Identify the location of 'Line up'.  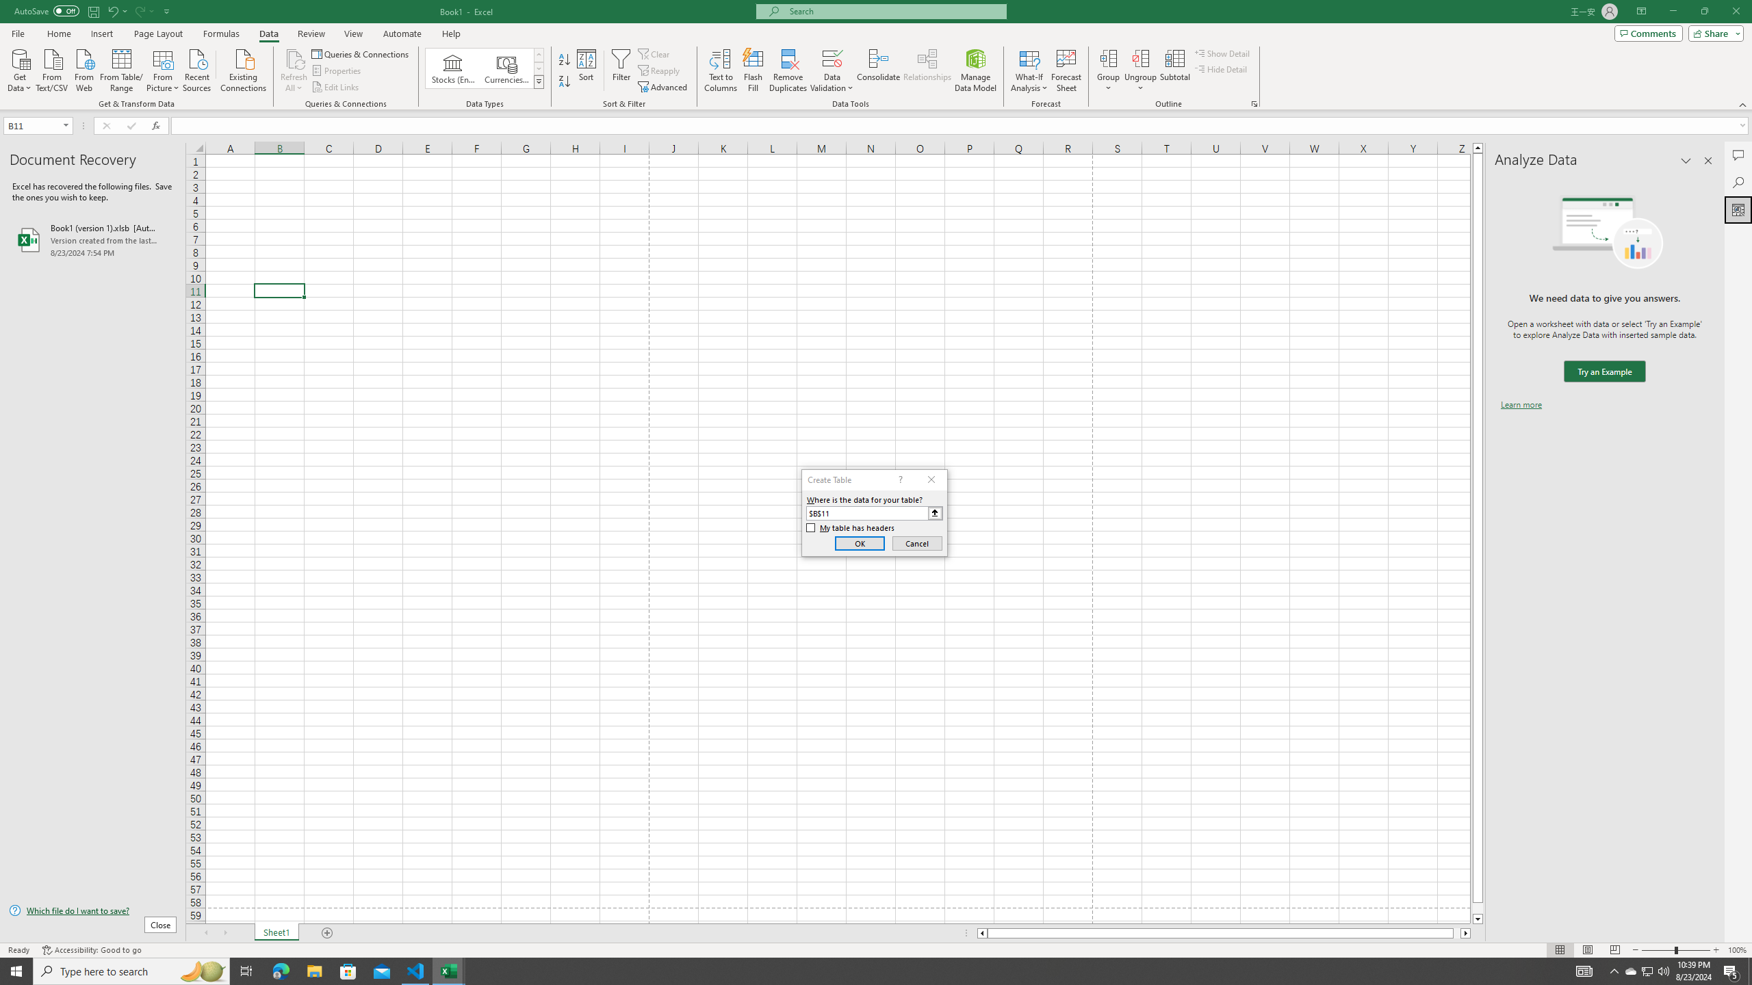
(1478, 147).